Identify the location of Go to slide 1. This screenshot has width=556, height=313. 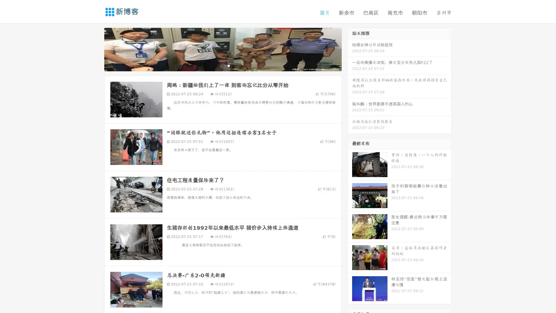
(217, 65).